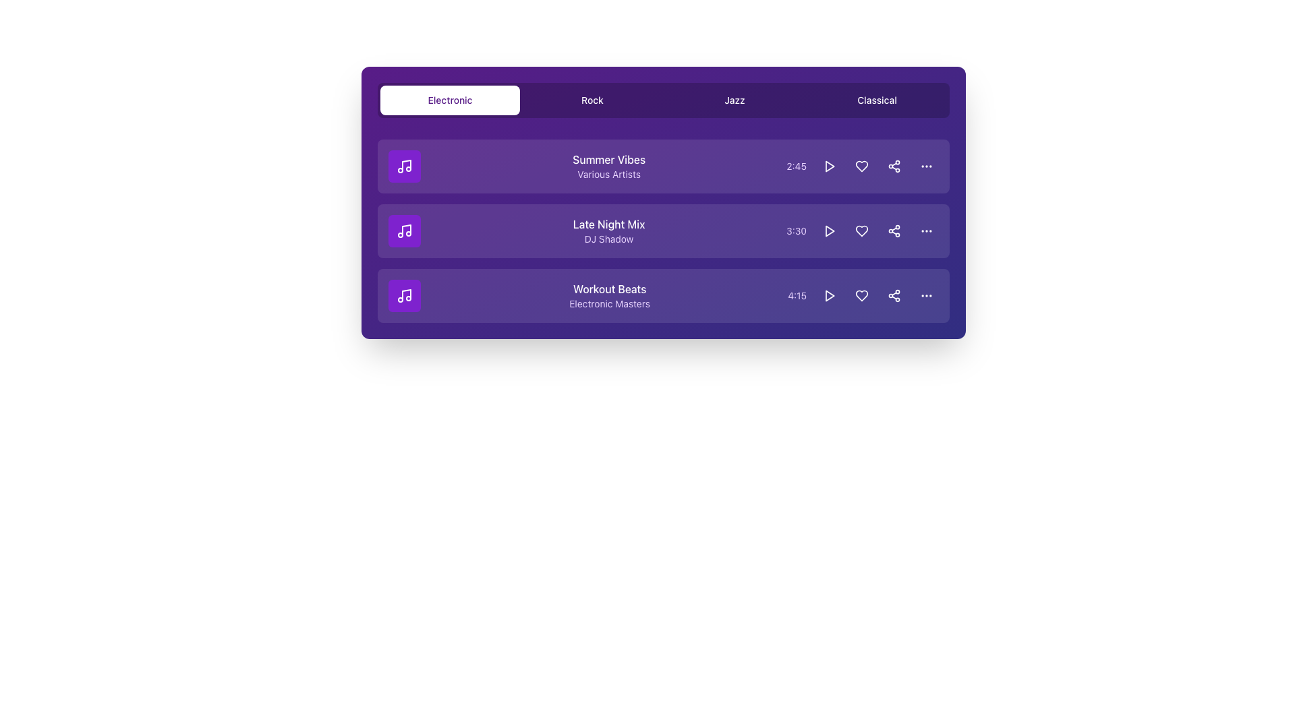  What do you see at coordinates (609, 295) in the screenshot?
I see `displayed title and subtitle of the music track located in the lower part of the list of music items in the 'Electronic' tab, specifically the third item in the list` at bounding box center [609, 295].